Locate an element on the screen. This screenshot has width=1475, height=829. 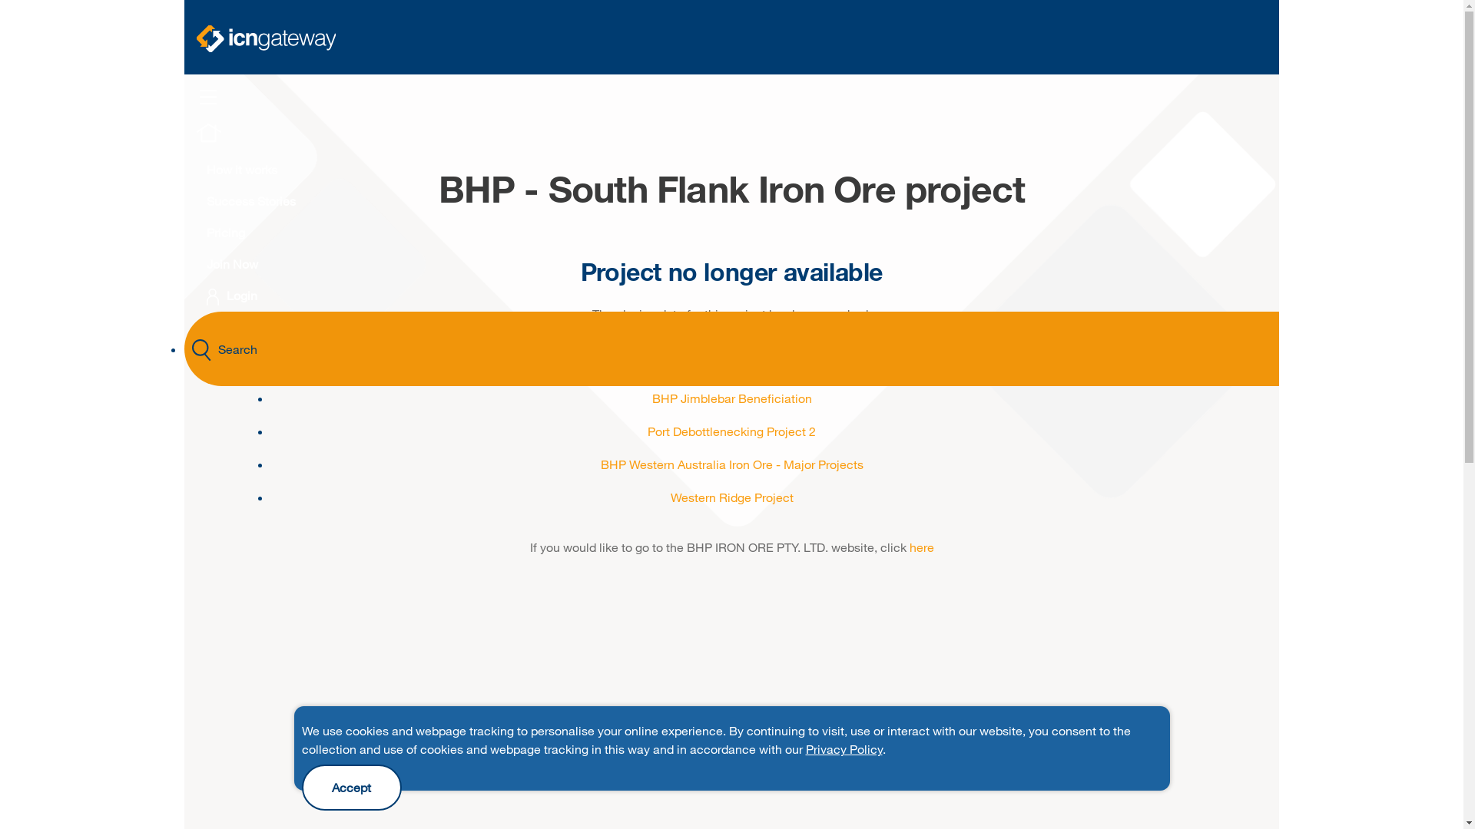
'BHP Western Australia Iron Ore - Major Projects' is located at coordinates (731, 463).